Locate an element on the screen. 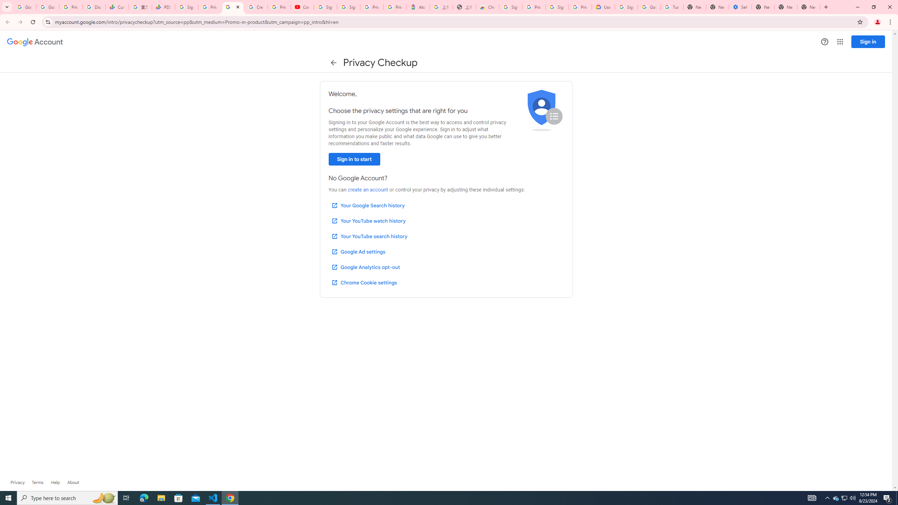 This screenshot has width=898, height=505. 'Content Creator Programs & Opportunities - YouTube Creators' is located at coordinates (302, 7).